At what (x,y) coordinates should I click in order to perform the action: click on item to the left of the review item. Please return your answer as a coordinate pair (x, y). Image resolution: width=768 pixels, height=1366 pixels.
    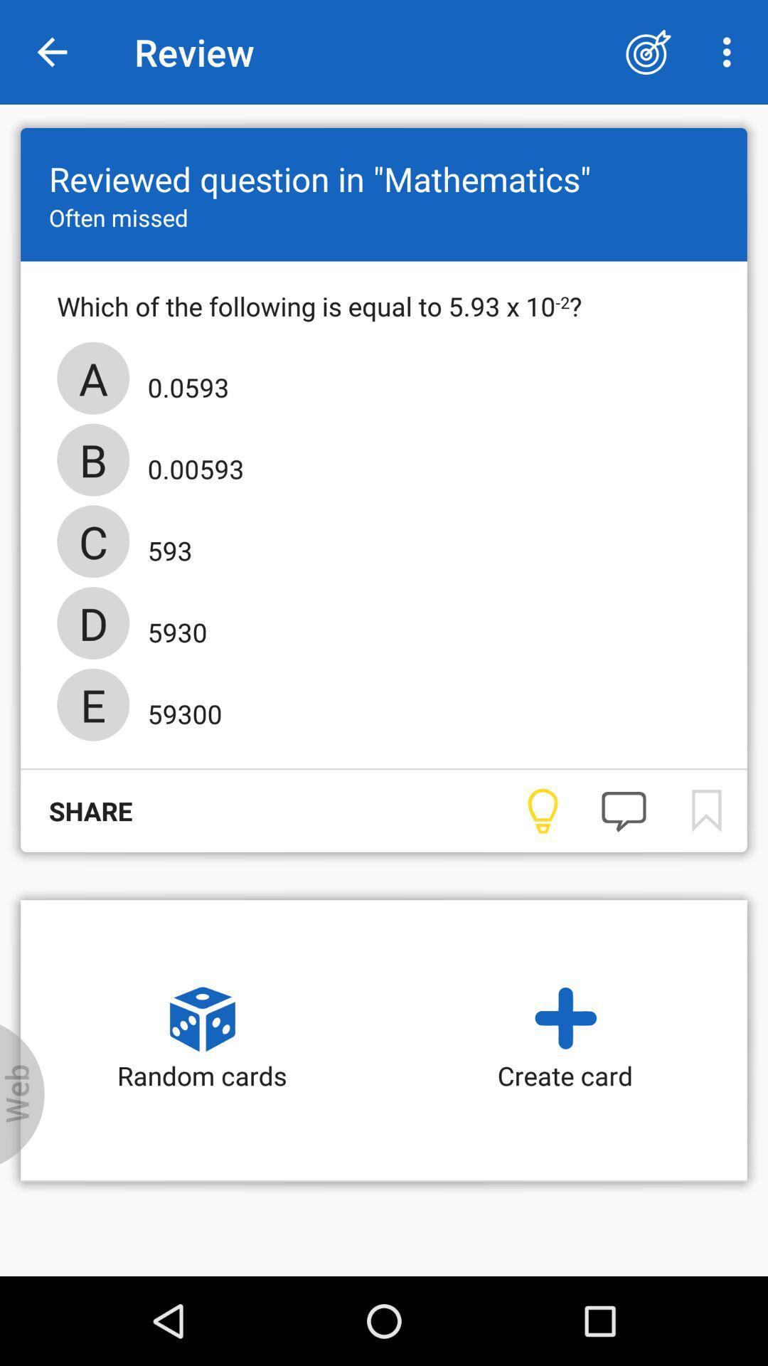
    Looking at the image, I should click on (51, 52).